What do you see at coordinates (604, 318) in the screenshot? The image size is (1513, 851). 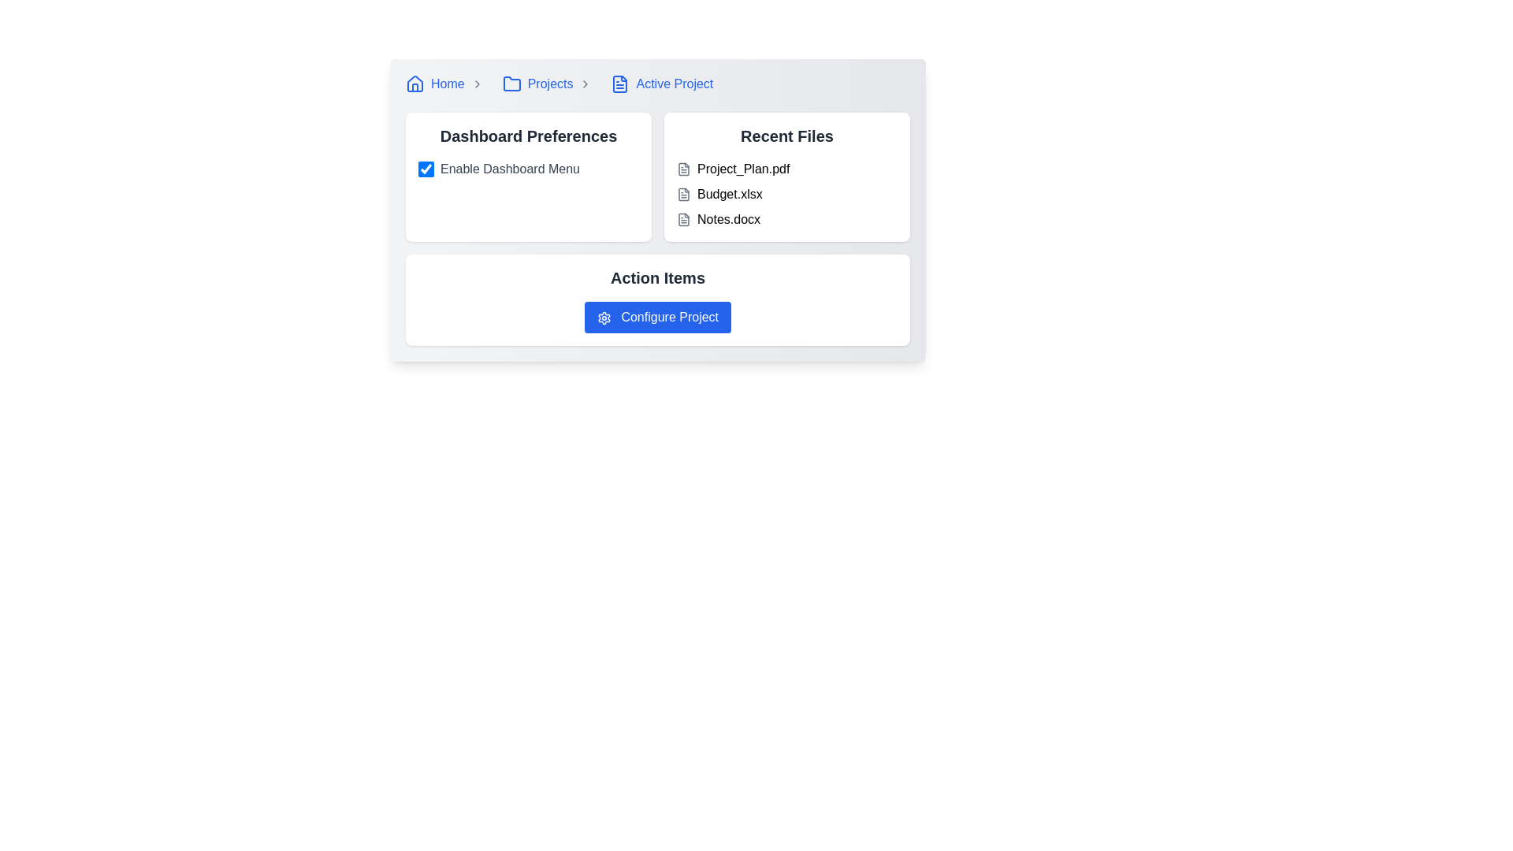 I see `the icon within the 'Configure Project' button located in the 'Action Items' section at the bottom-center of the main content area` at bounding box center [604, 318].